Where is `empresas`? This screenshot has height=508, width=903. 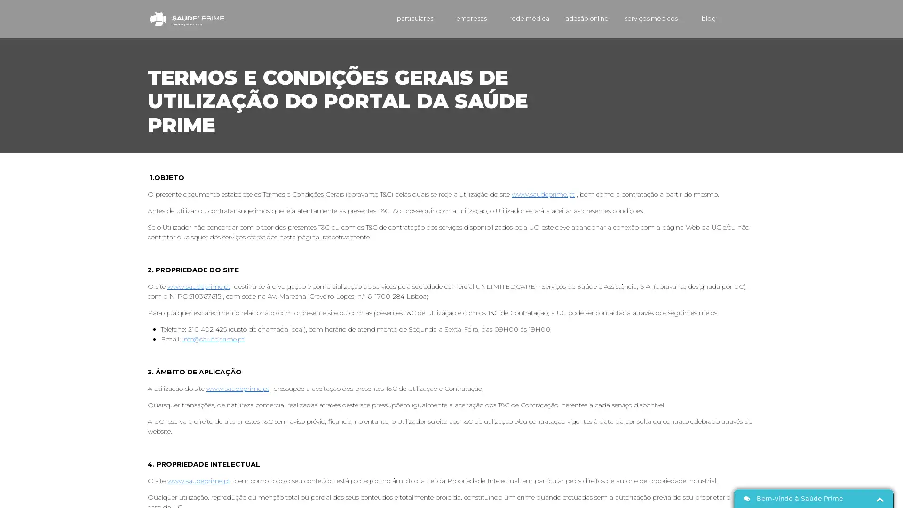 empresas is located at coordinates (458, 18).